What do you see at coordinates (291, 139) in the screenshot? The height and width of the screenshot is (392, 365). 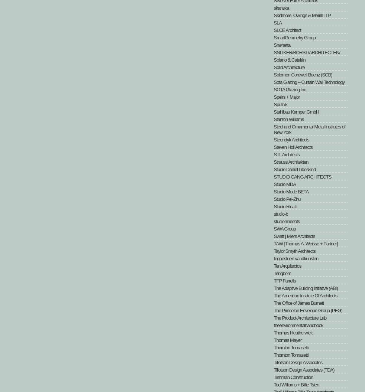 I see `'Steendyk Architects'` at bounding box center [291, 139].